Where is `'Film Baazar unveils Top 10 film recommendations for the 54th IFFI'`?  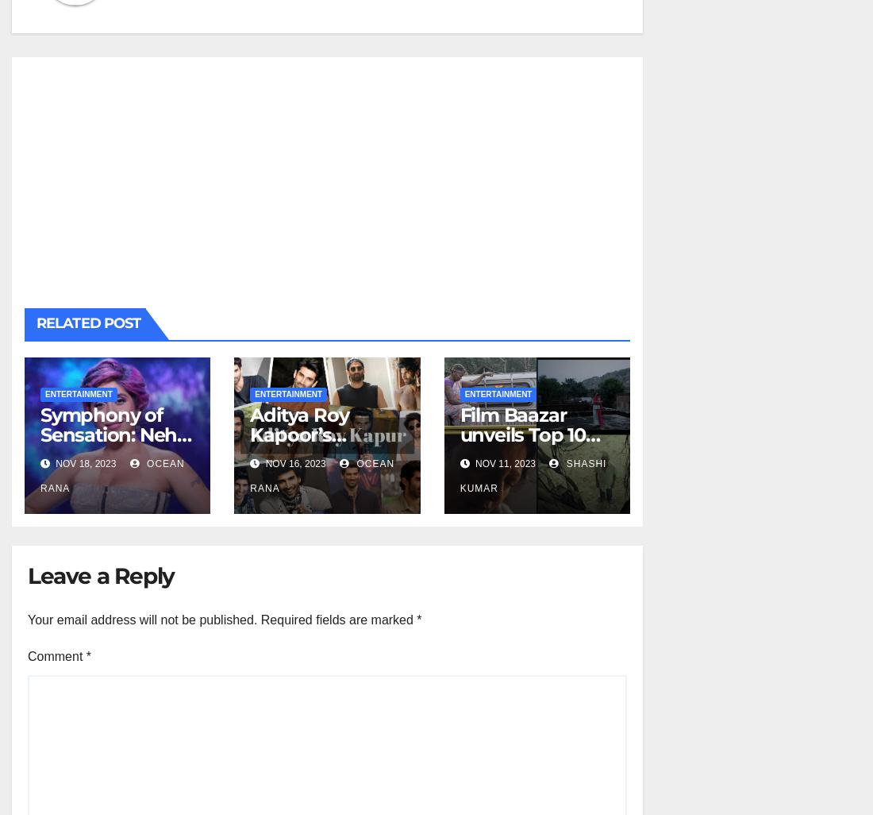 'Film Baazar unveils Top 10 film recommendations for the 54th IFFI' is located at coordinates (533, 462).